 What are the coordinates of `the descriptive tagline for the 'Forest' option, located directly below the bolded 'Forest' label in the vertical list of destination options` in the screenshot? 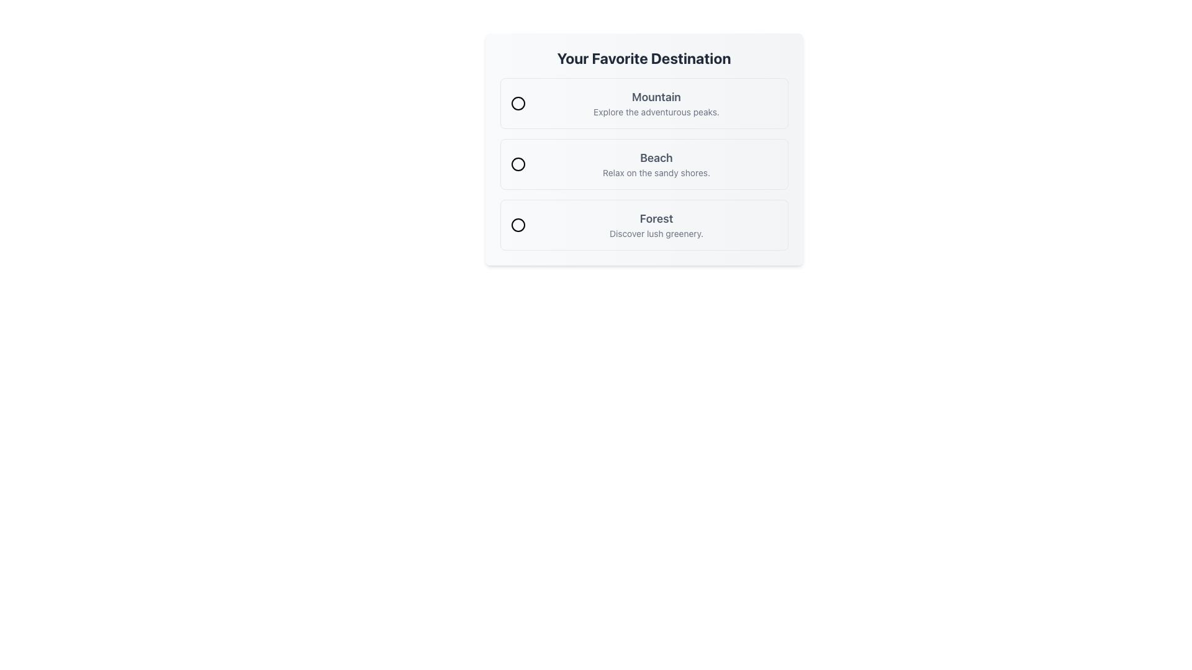 It's located at (656, 234).